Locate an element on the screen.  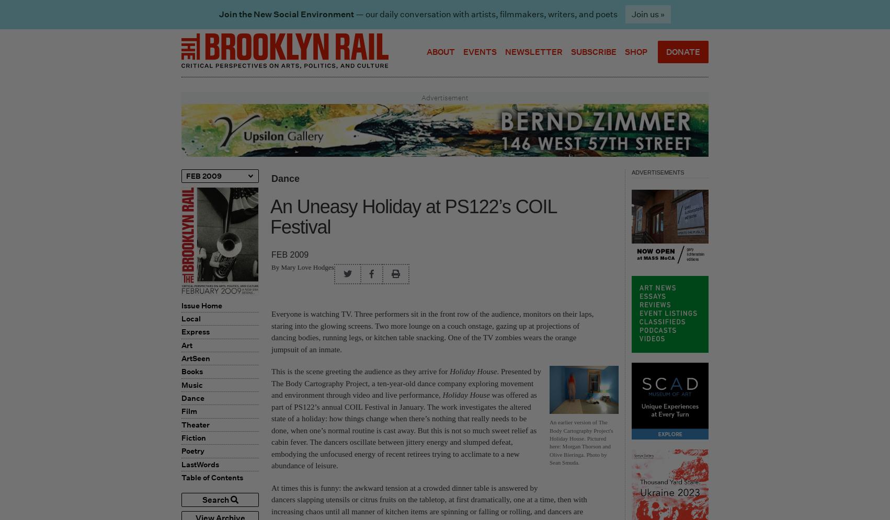
'This is the scene greeting the audience as they arrive for' is located at coordinates (360, 372).